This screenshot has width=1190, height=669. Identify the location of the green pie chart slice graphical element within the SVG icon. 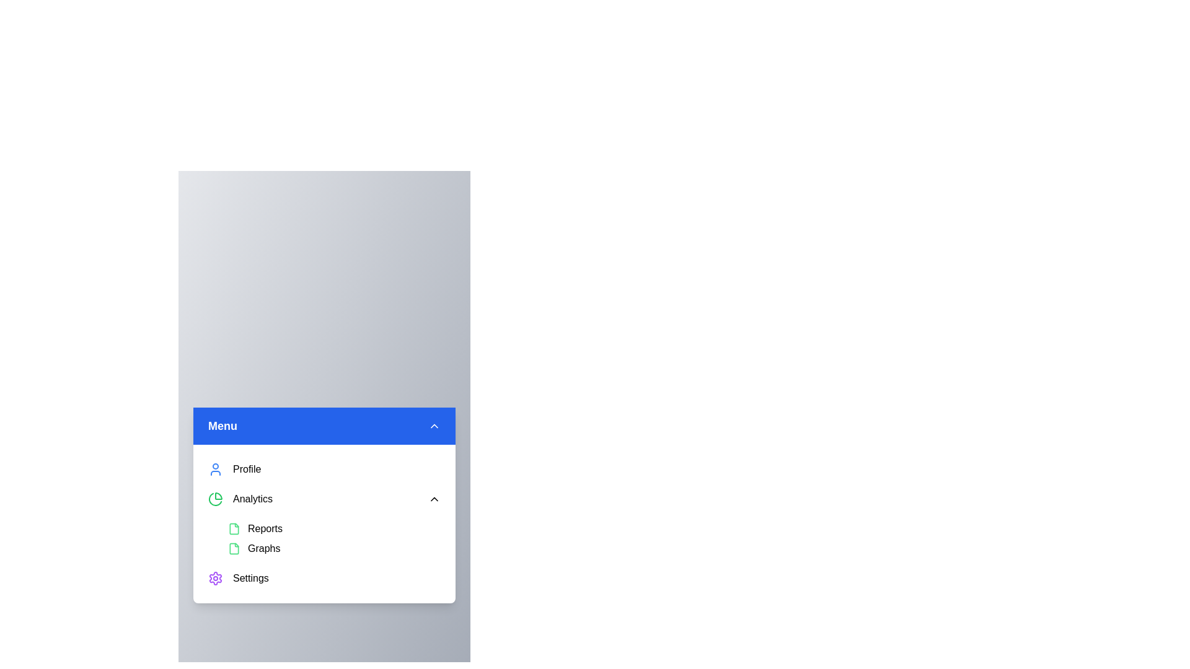
(215, 499).